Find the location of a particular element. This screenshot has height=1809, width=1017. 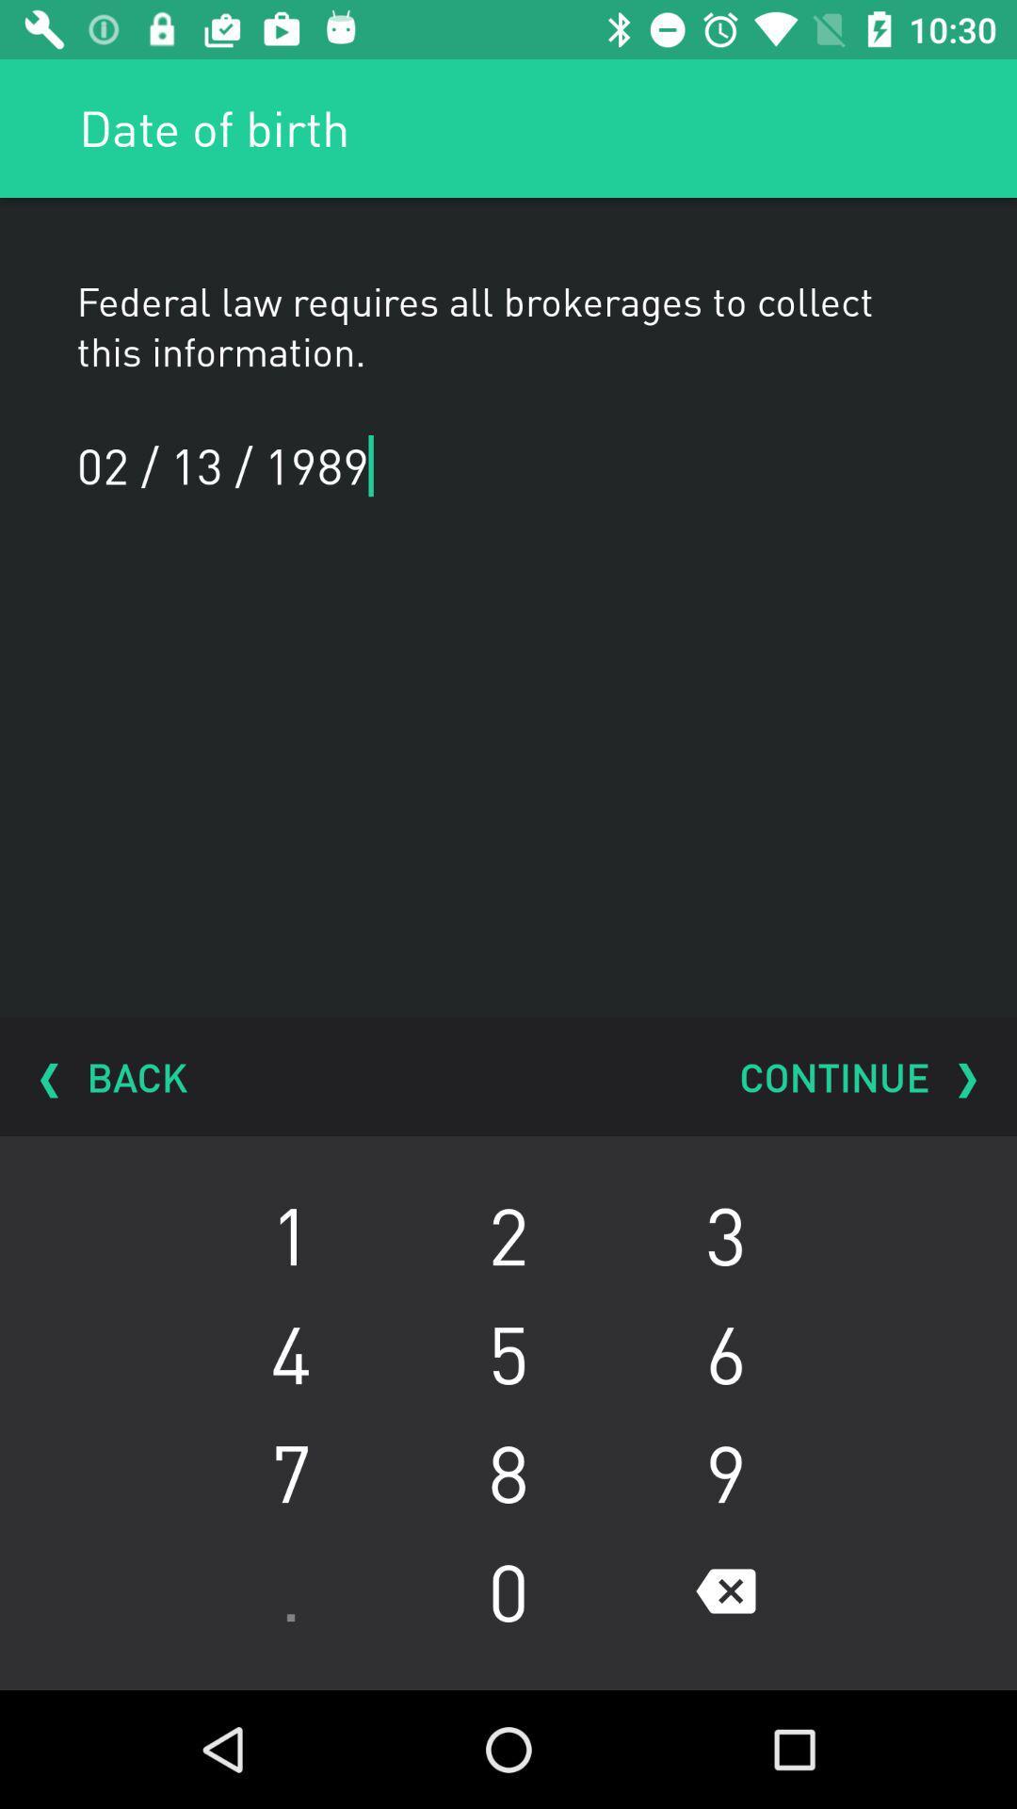

icon next to the 2 is located at coordinates (290, 1352).